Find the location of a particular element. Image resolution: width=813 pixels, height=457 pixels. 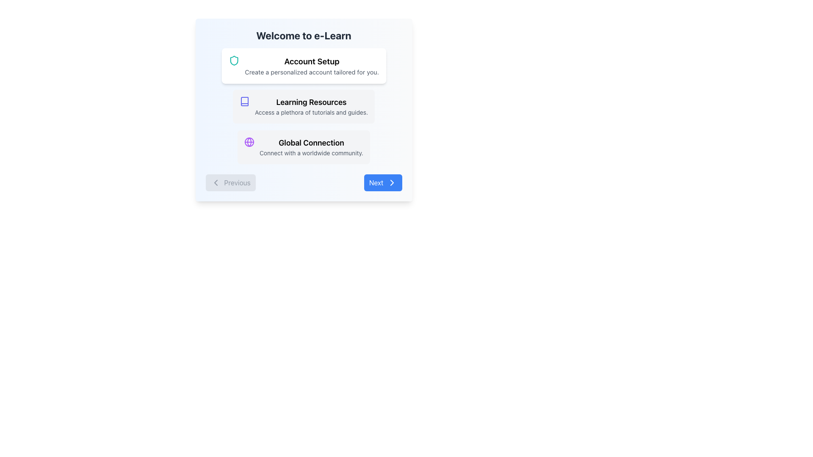

the icon resembling a rectangular book or binder, which is associated with the 'Learning Resources' label is located at coordinates (244, 101).